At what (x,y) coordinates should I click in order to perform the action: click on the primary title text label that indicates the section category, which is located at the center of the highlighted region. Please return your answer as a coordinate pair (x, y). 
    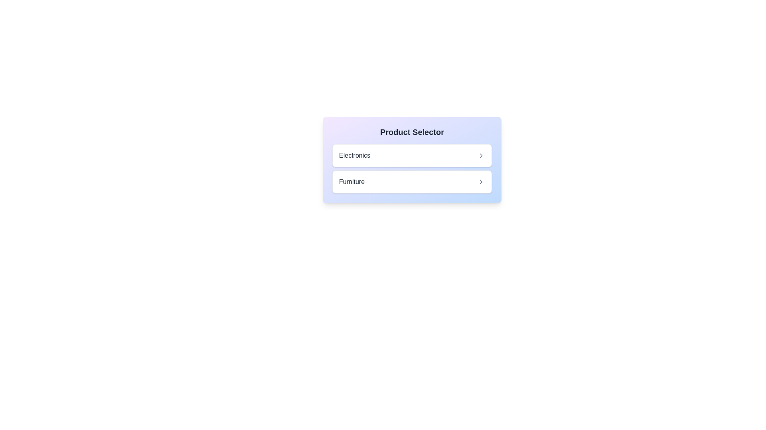
    Looking at the image, I should click on (412, 131).